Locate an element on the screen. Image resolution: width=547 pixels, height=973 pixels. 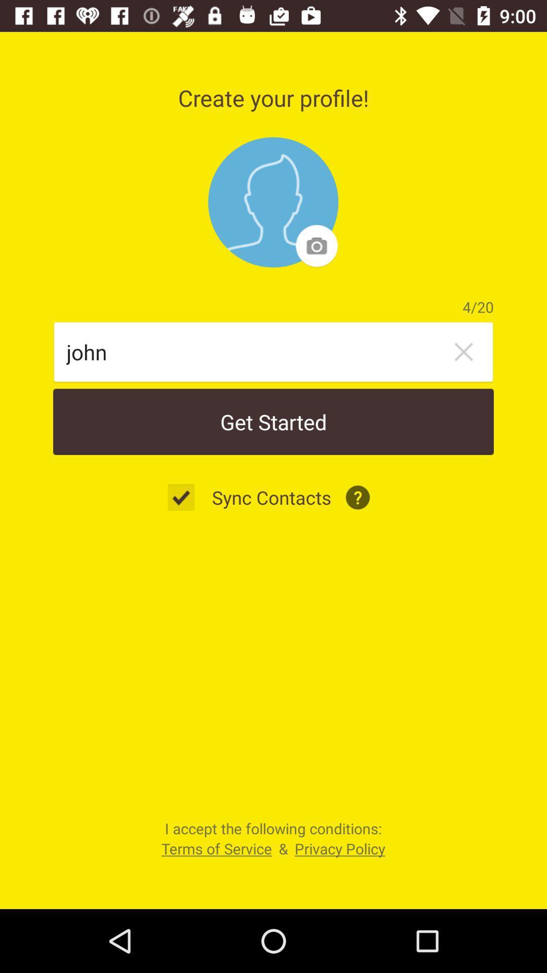
item next to the & item is located at coordinates (216, 848).